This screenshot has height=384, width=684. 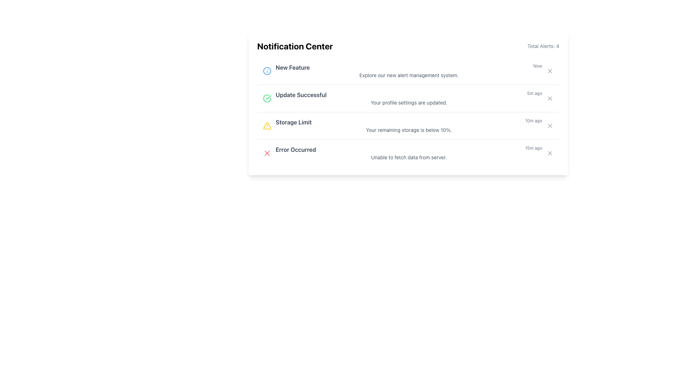 What do you see at coordinates (550, 126) in the screenshot?
I see `the 'Dismiss Notification' button located at the top-right corner of the 'Storage Limit' notification card` at bounding box center [550, 126].